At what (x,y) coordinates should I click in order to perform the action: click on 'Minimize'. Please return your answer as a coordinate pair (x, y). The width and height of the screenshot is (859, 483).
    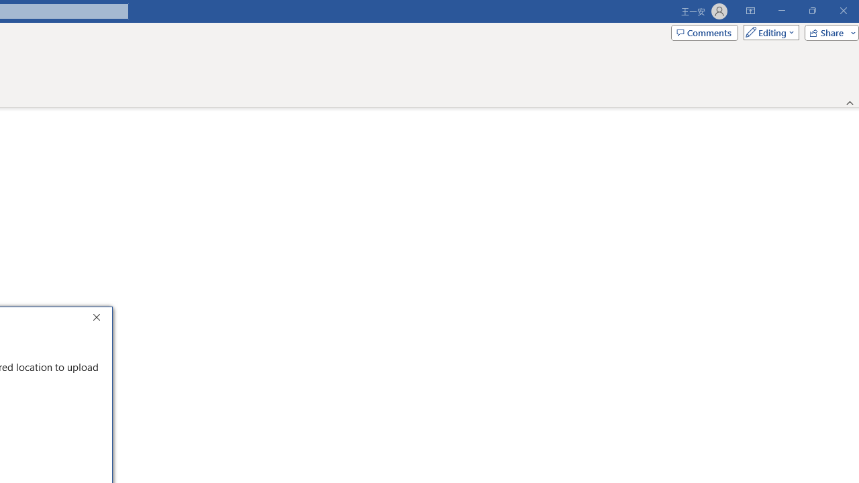
    Looking at the image, I should click on (781, 11).